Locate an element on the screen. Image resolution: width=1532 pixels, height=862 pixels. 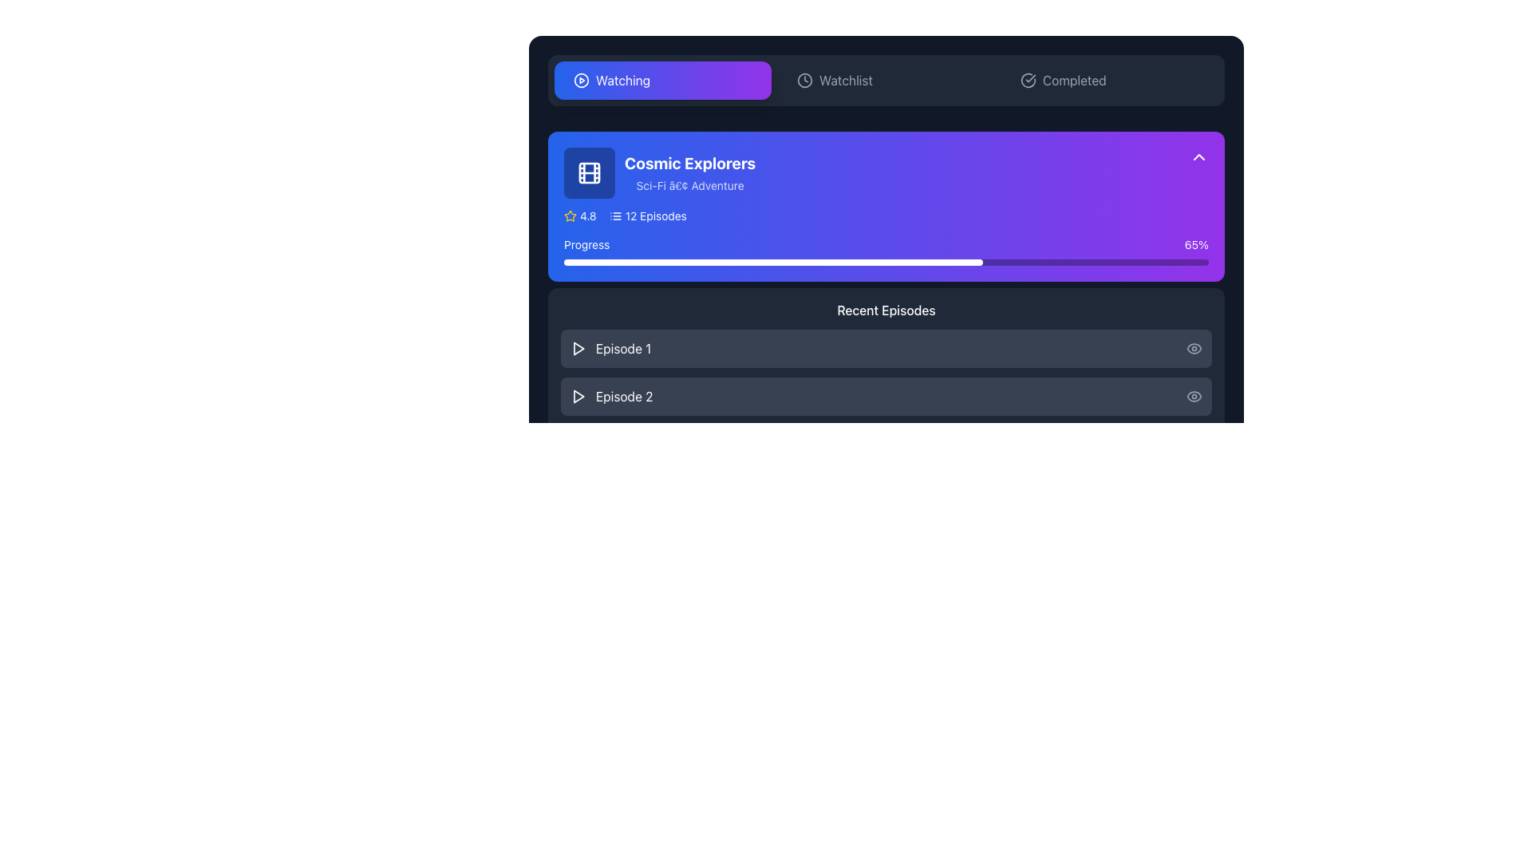
the 'play' button icon located to the immediate left of the text 'Episode 1' in the 'Recent Episodes' section is located at coordinates (578, 347).